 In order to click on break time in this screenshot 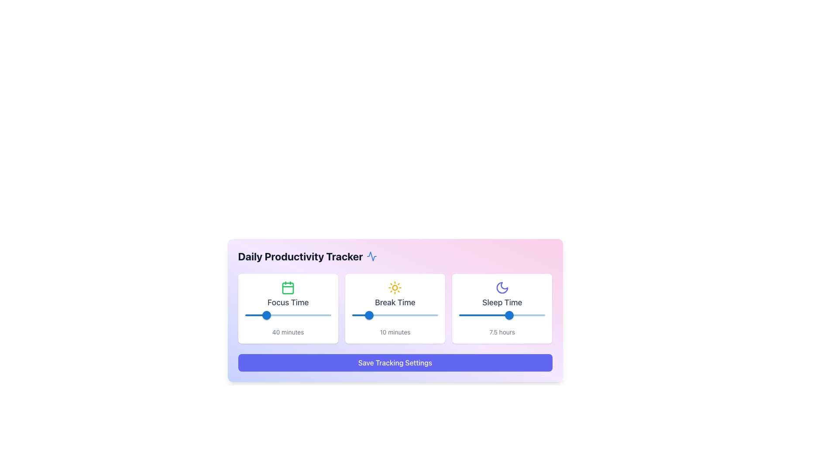, I will do `click(367, 315)`.